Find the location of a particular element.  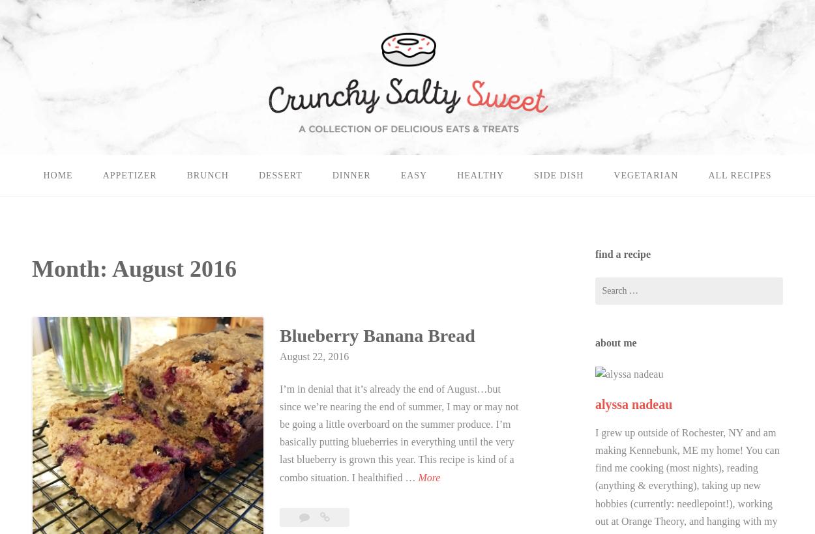

'A collection of delicious eats and treats' is located at coordinates (15, 42).